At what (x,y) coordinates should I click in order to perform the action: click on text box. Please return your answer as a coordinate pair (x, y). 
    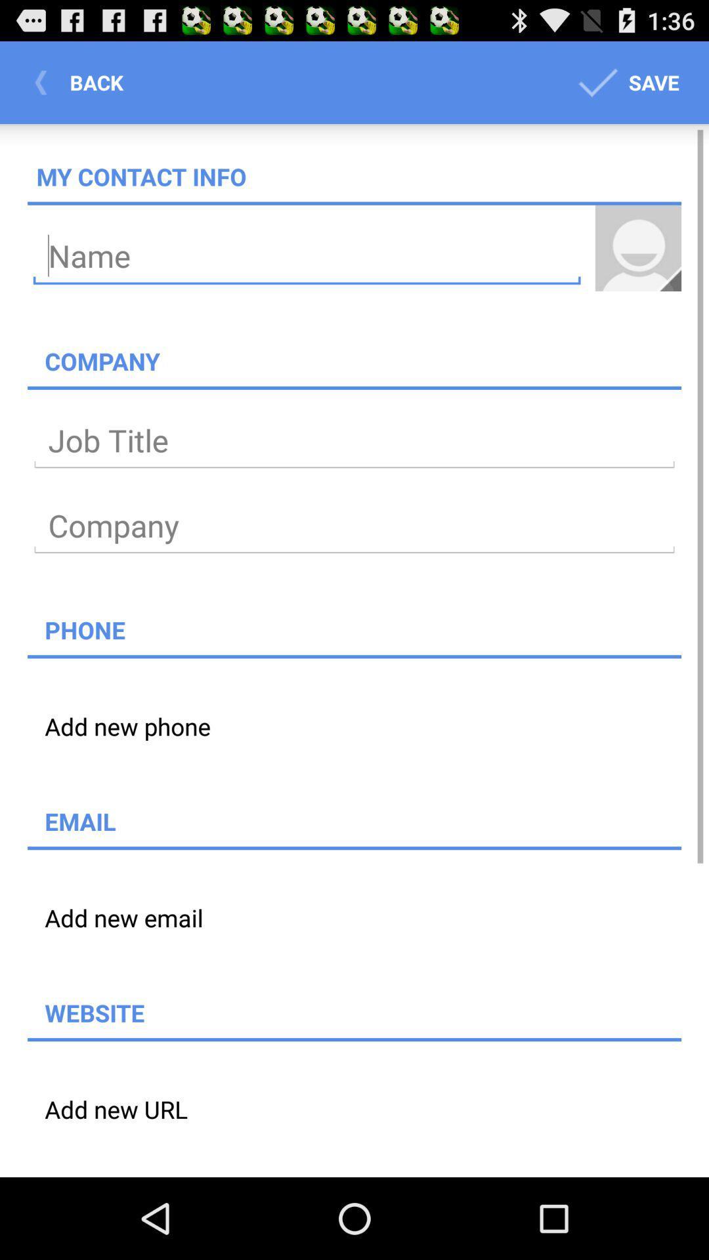
    Looking at the image, I should click on (354, 441).